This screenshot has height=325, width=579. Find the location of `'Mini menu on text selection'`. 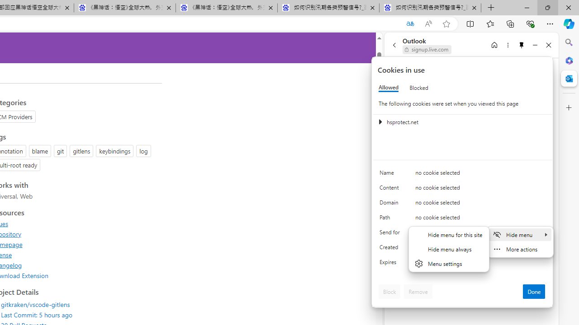

'Mini menu on text selection' is located at coordinates (520, 241).